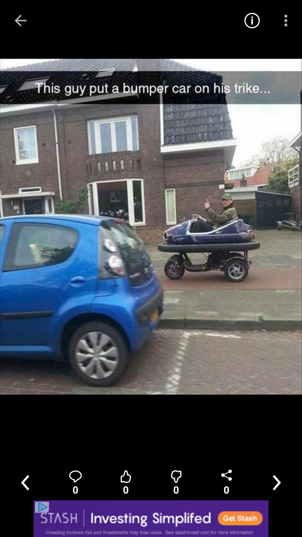  Describe the element at coordinates (126, 476) in the screenshot. I see `the thumbs_up icon` at that location.